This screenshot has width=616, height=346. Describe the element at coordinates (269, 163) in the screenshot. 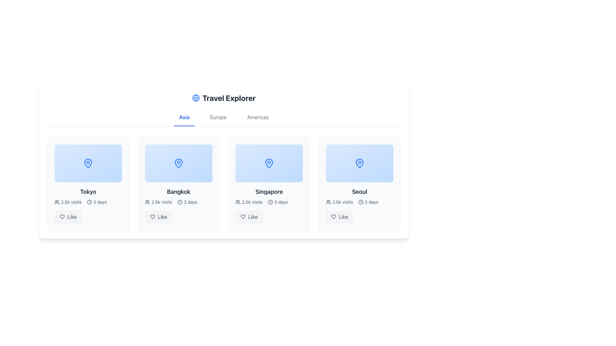

I see `the Graphical location tile labeled 'Singapore', which features a central map pin icon and a gradient background` at that location.